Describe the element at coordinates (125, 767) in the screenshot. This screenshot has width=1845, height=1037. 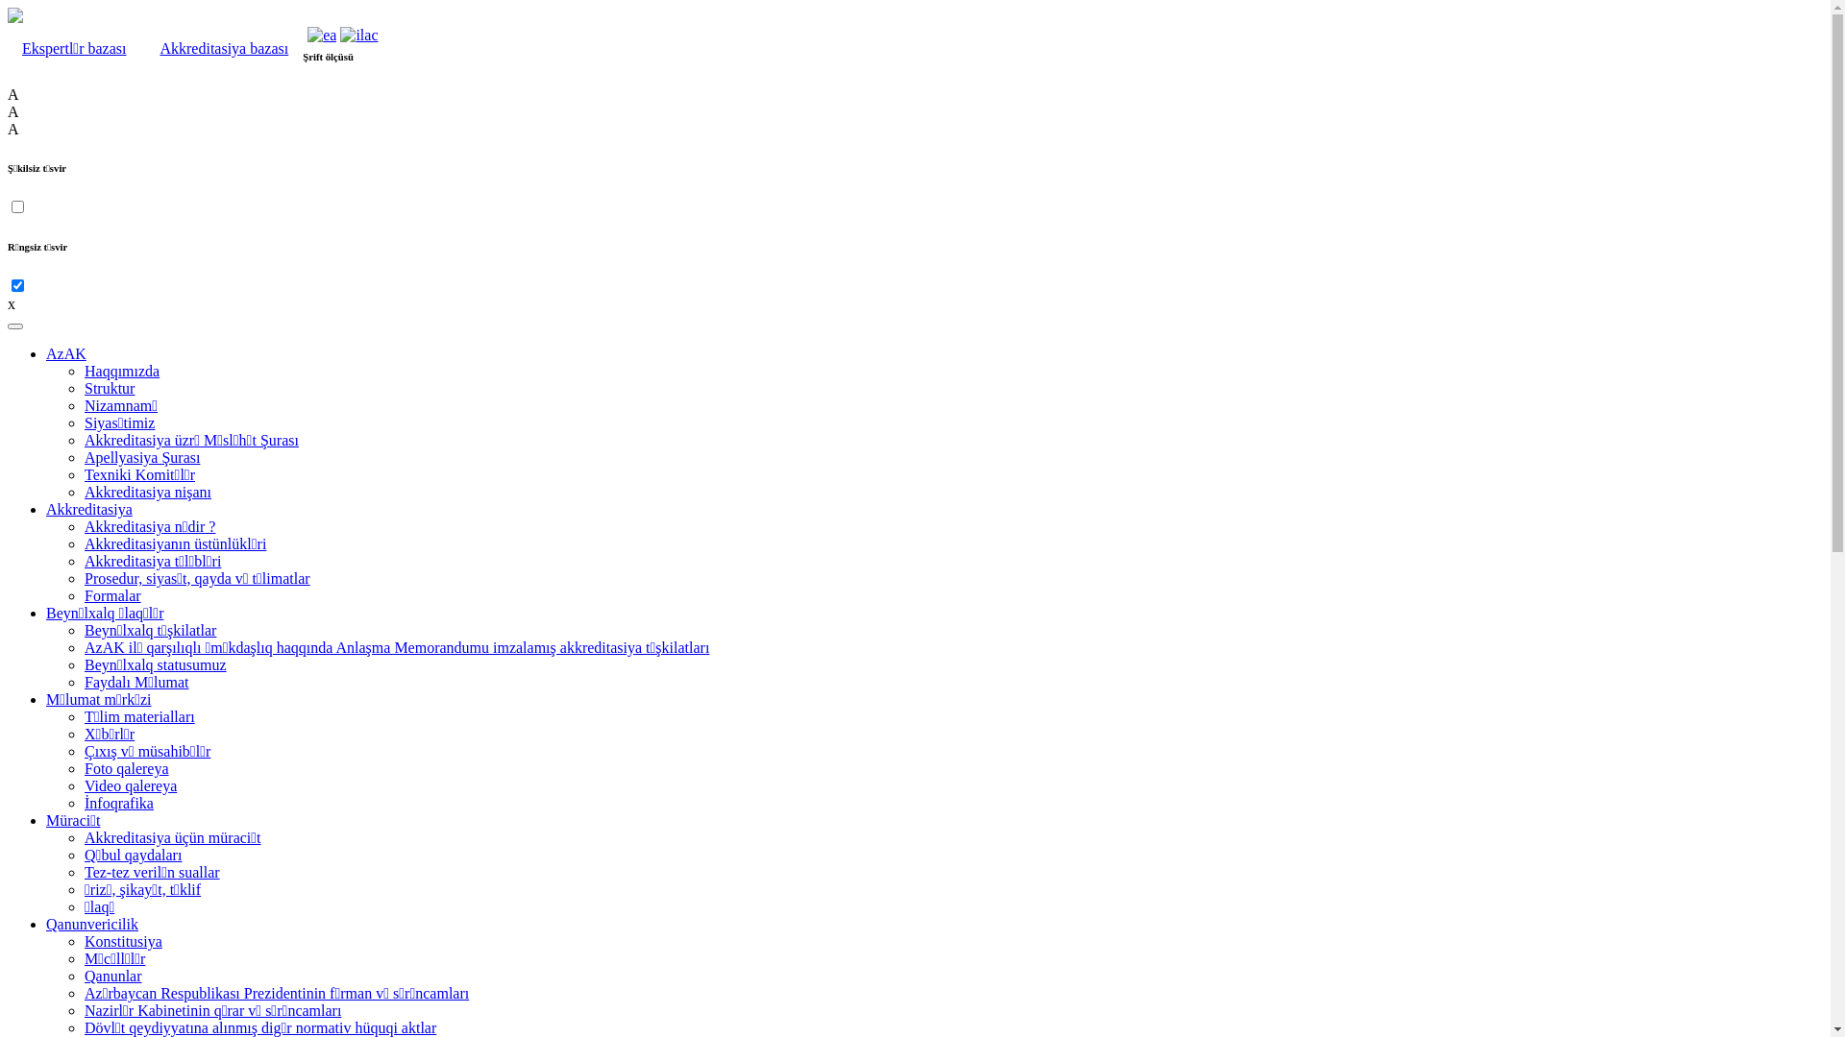
I see `'Foto qalereya'` at that location.